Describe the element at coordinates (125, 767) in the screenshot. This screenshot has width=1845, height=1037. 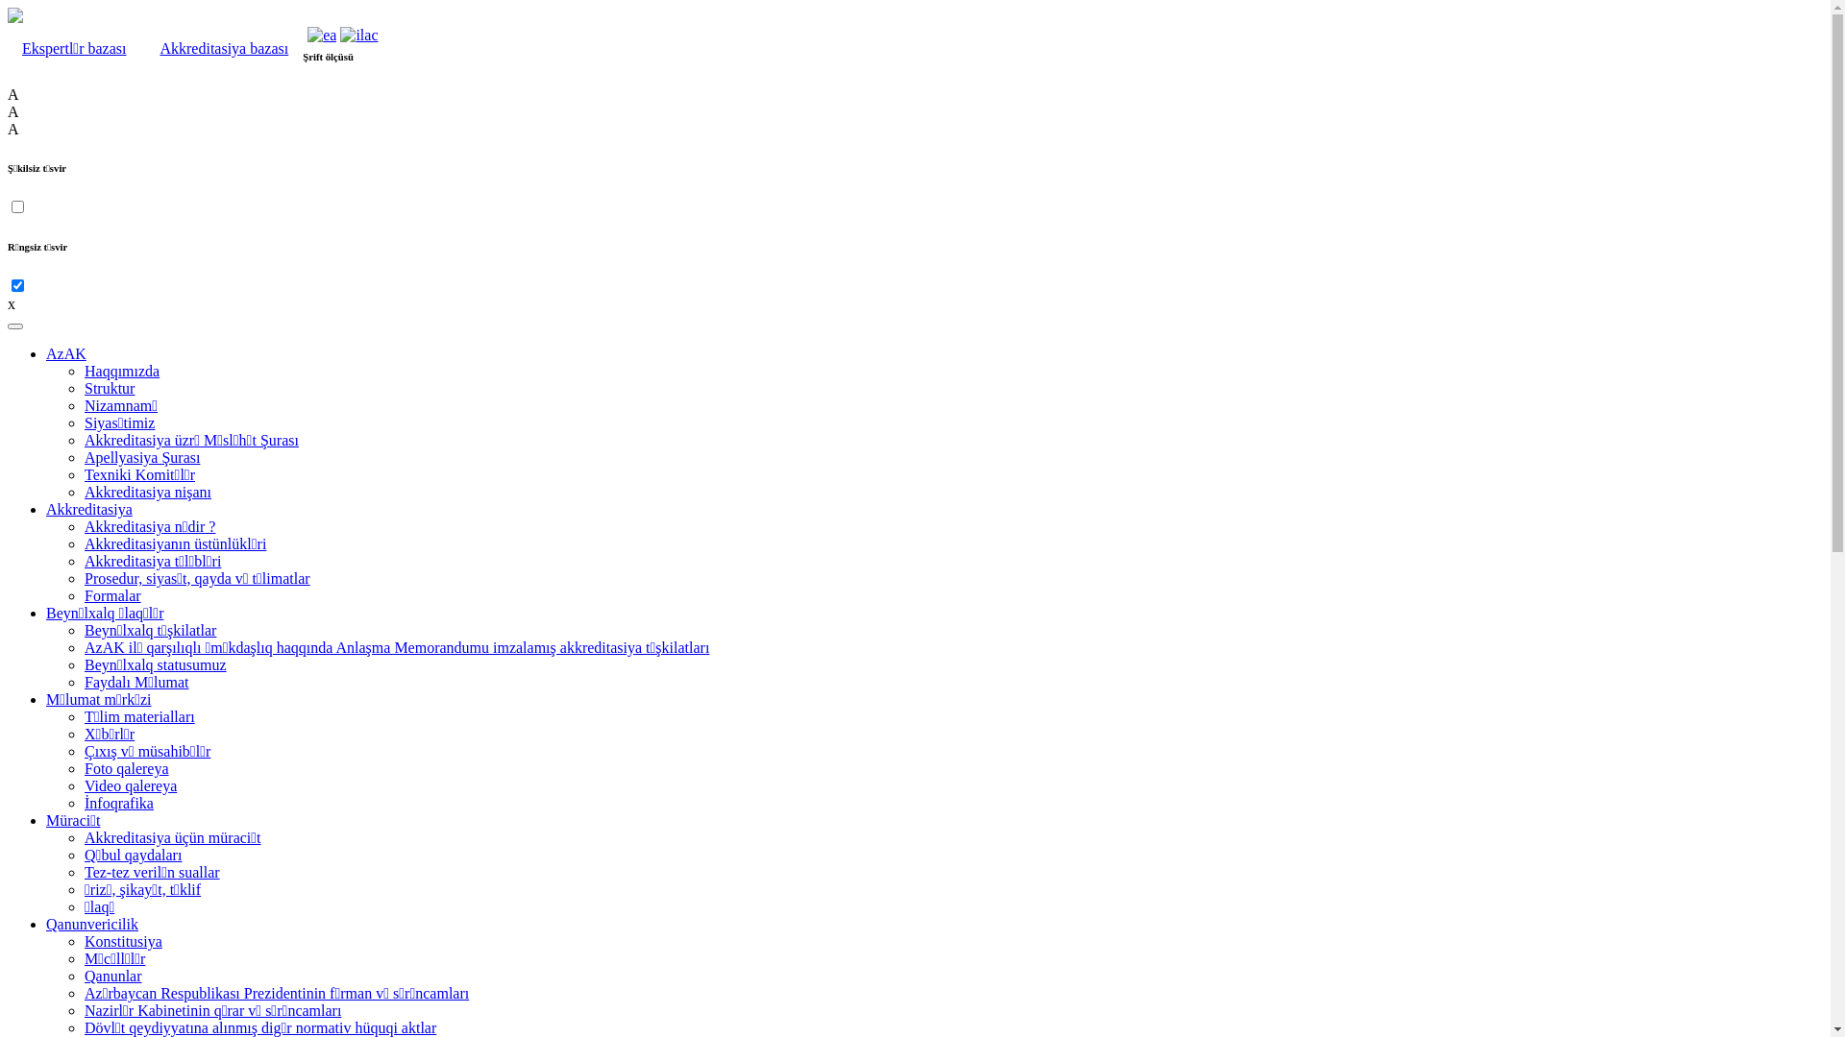
I see `'Foto qalereya'` at that location.